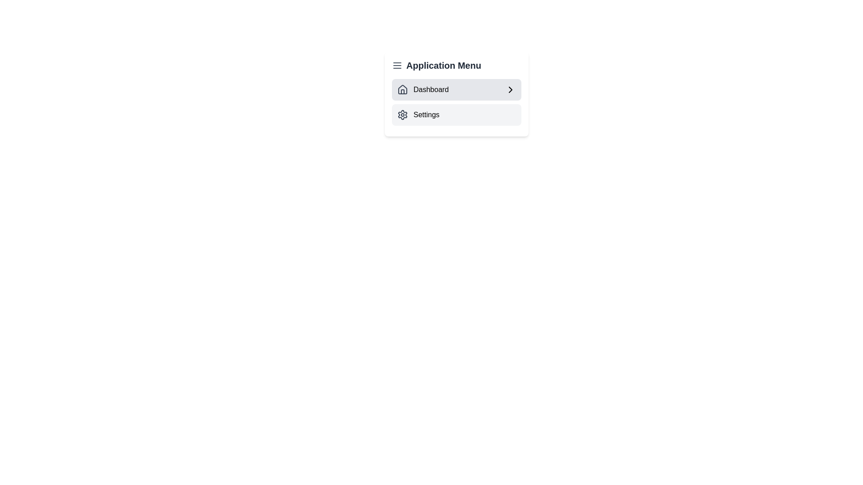 The image size is (863, 485). Describe the element at coordinates (511, 90) in the screenshot. I see `the chevron icon located at the far right of the 'Dashboard' menu entry to view it as an indicator for additional functionality` at that location.